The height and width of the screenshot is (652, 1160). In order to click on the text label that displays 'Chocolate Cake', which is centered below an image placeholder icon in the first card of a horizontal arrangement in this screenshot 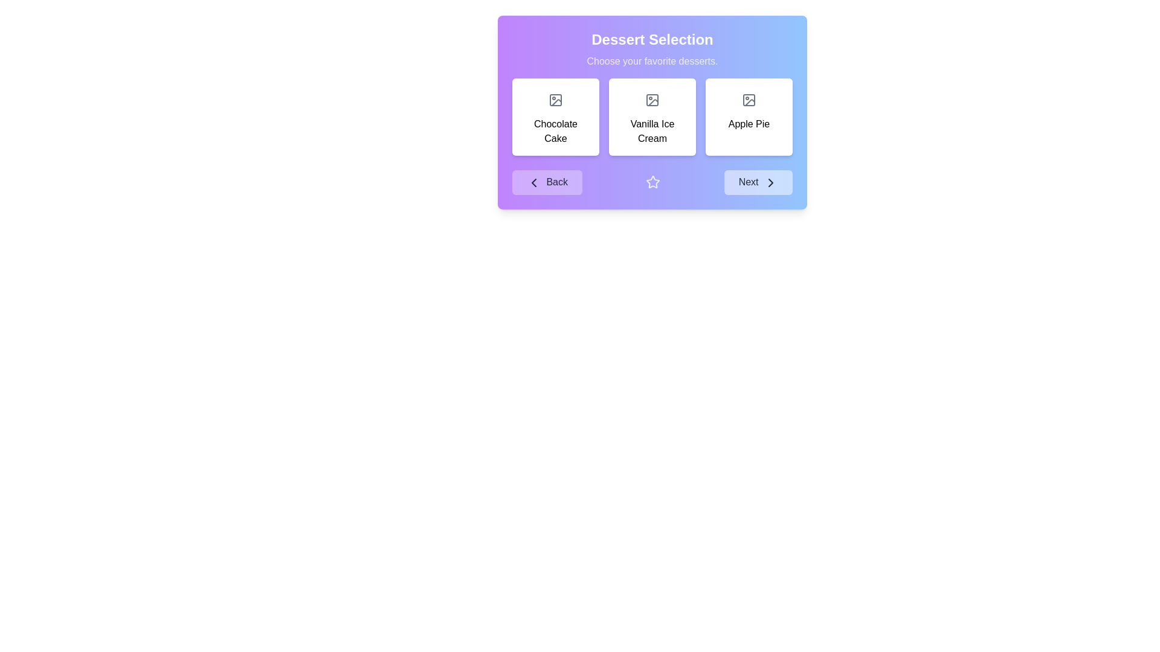, I will do `click(555, 132)`.